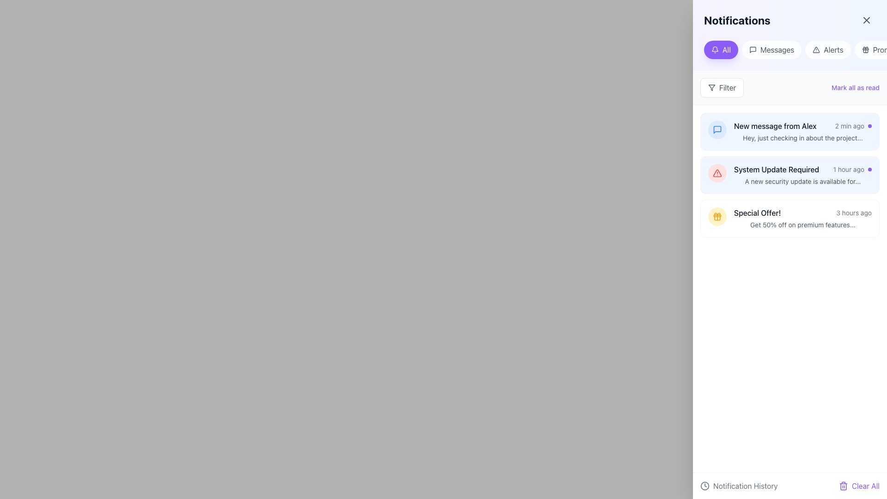  I want to click on the '2 min ago' label in the notification panel that indicates elapsed time since the notification was generated, which is part of the first notification entry titled 'New message from Alex', so click(850, 126).